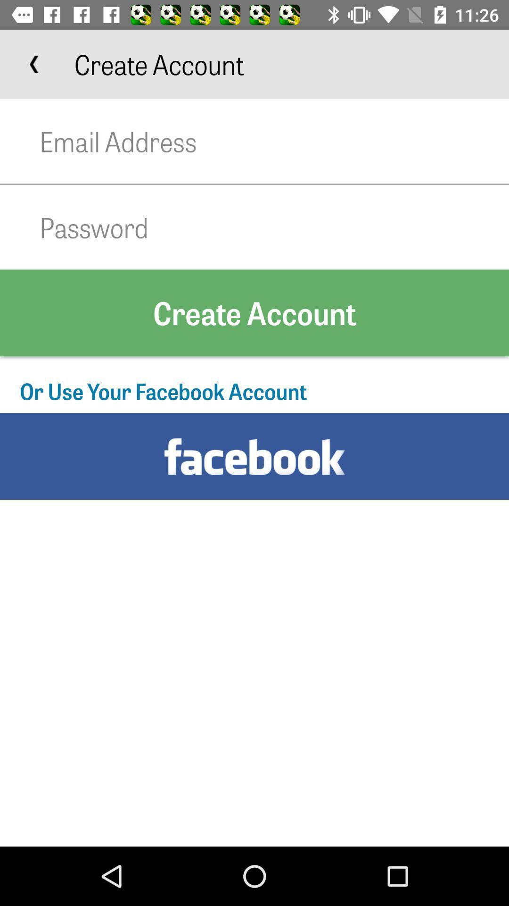 The image size is (509, 906). I want to click on password, so click(274, 227).